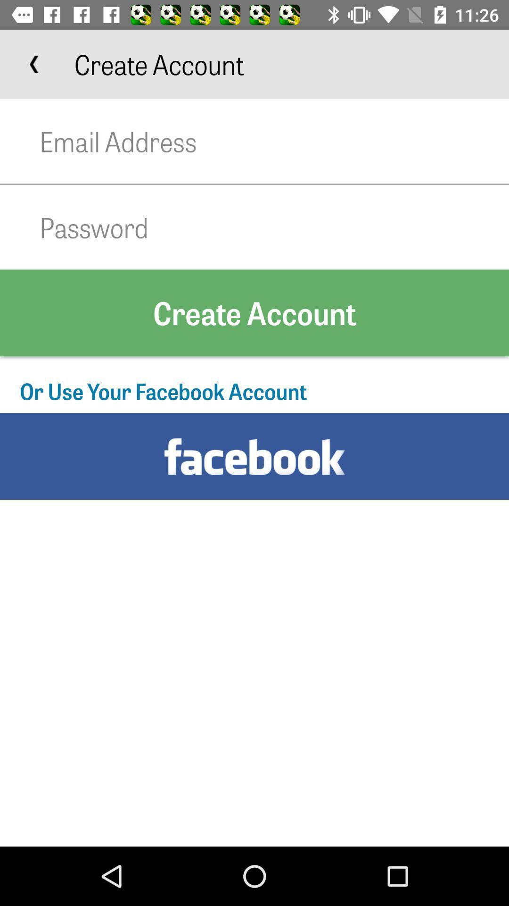 The image size is (509, 906). I want to click on password, so click(274, 227).